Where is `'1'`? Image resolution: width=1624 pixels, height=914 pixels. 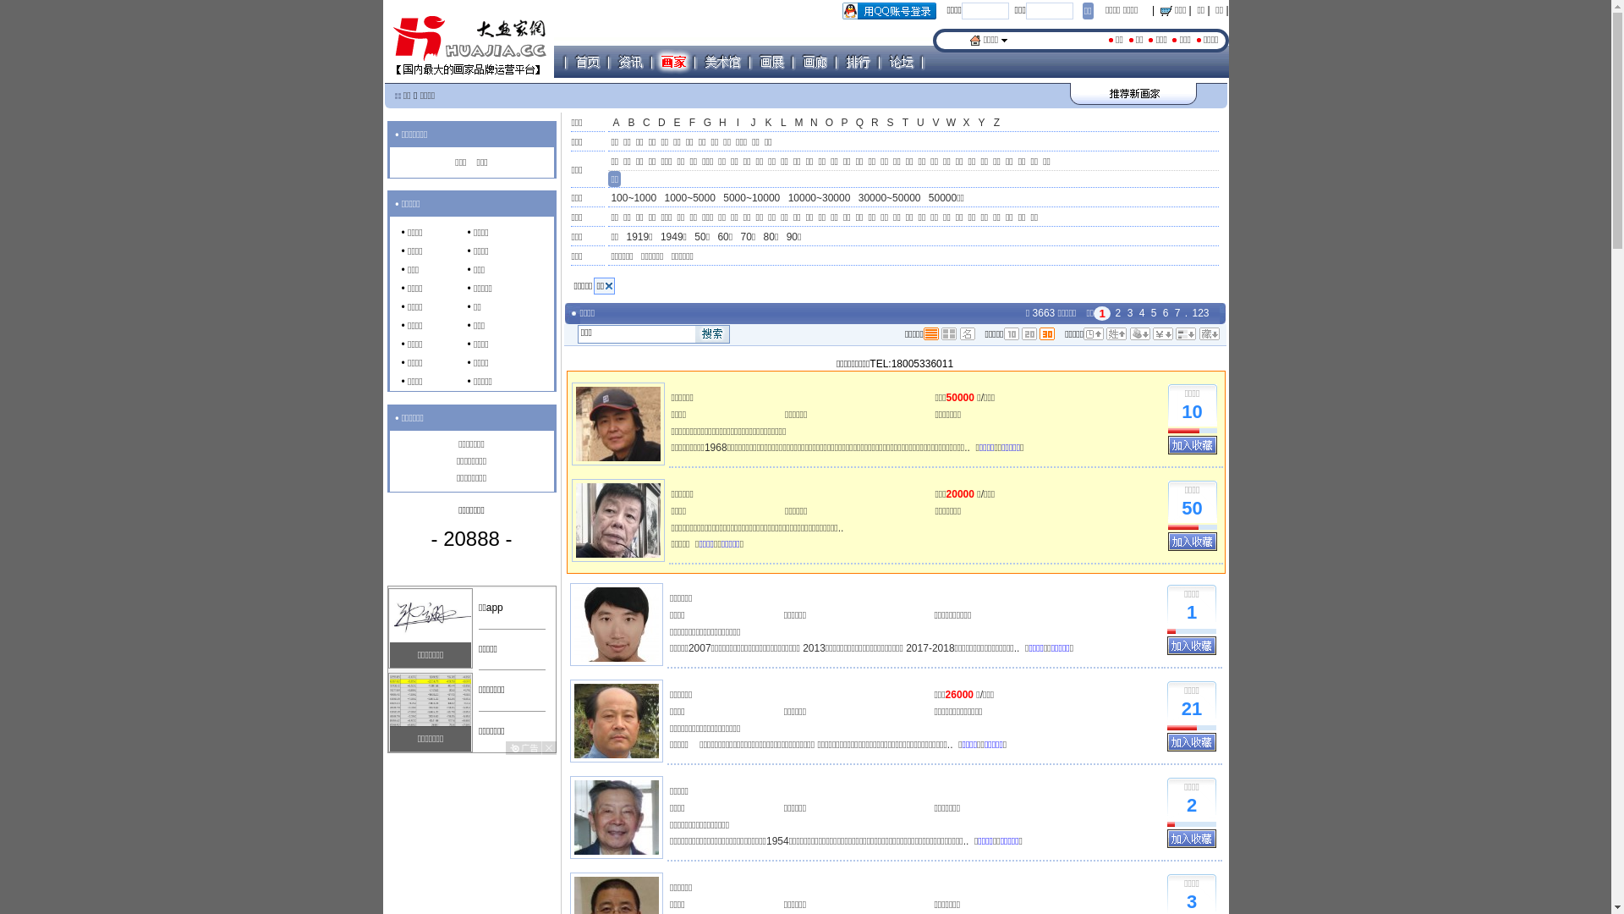 '1' is located at coordinates (1191, 613).